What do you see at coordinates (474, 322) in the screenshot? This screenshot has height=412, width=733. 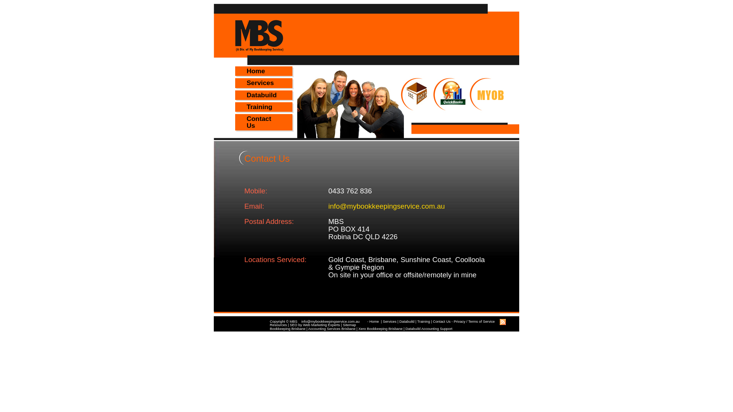 I see `'Privacy / Terms of Service'` at bounding box center [474, 322].